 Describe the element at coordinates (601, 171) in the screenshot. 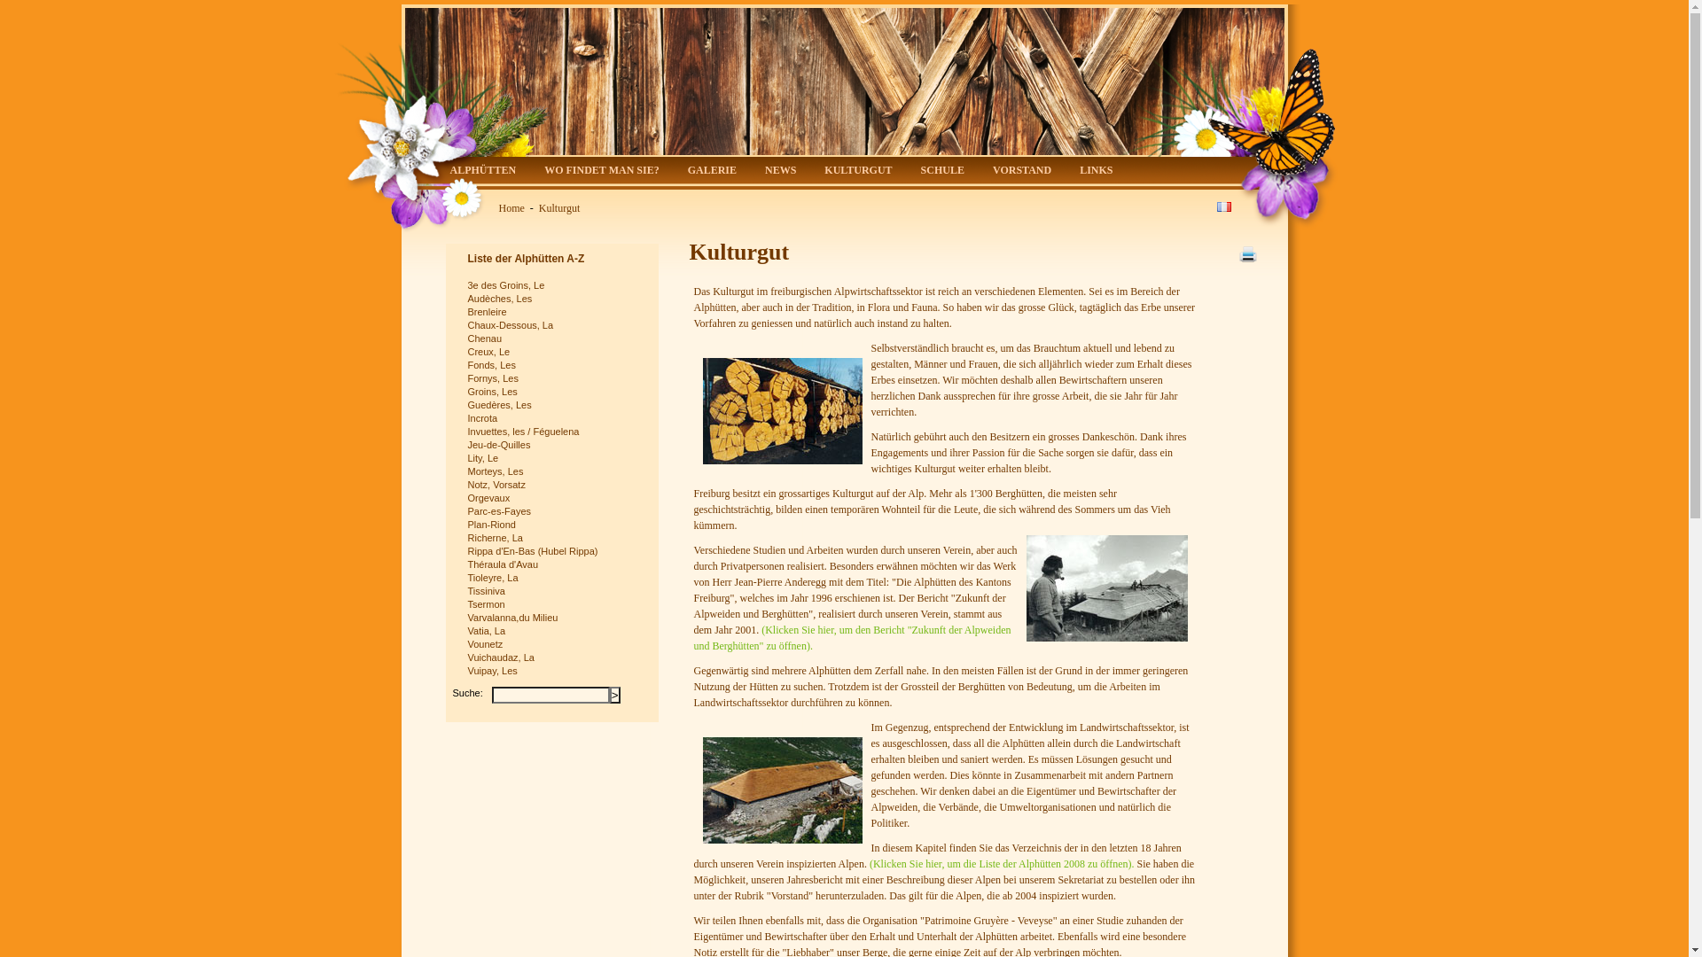

I see `'WO FINDET MAN SIE?'` at that location.